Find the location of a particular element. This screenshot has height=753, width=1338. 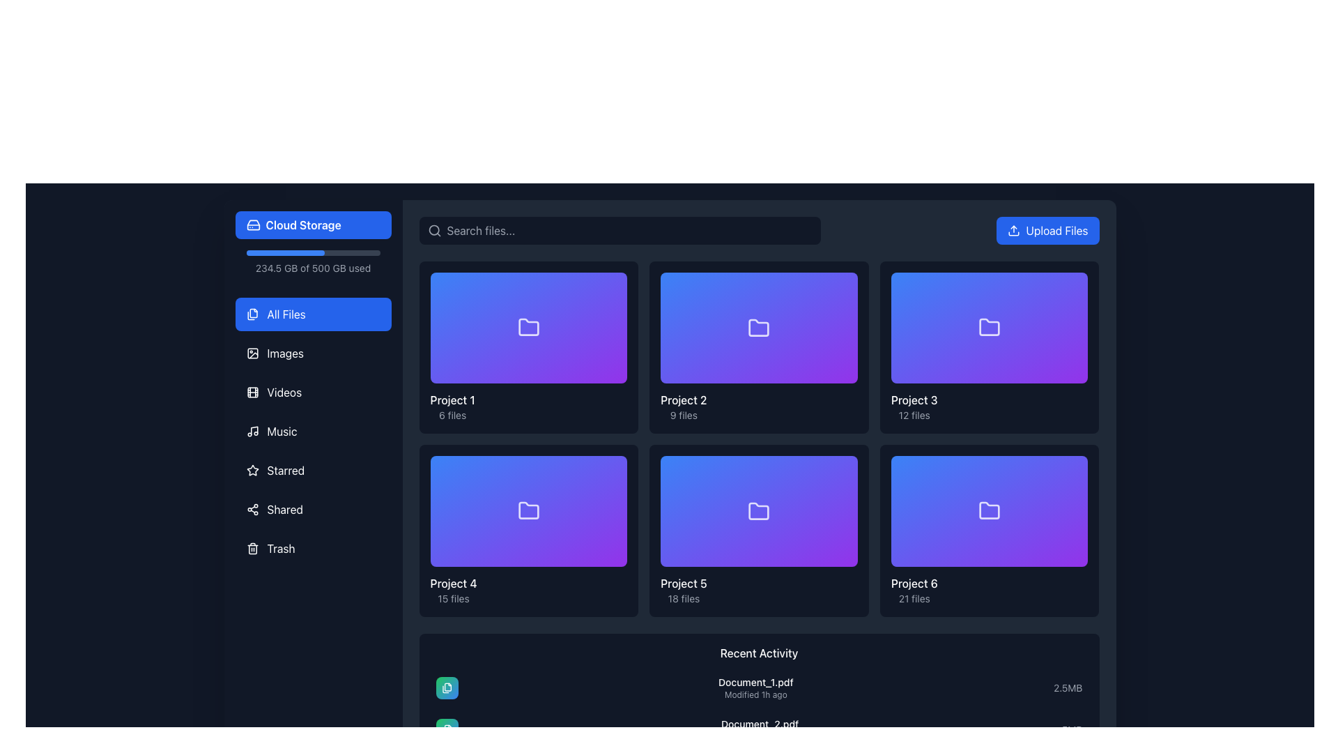

the 'Trash' text label in the vertical navigation menu is located at coordinates (280, 547).